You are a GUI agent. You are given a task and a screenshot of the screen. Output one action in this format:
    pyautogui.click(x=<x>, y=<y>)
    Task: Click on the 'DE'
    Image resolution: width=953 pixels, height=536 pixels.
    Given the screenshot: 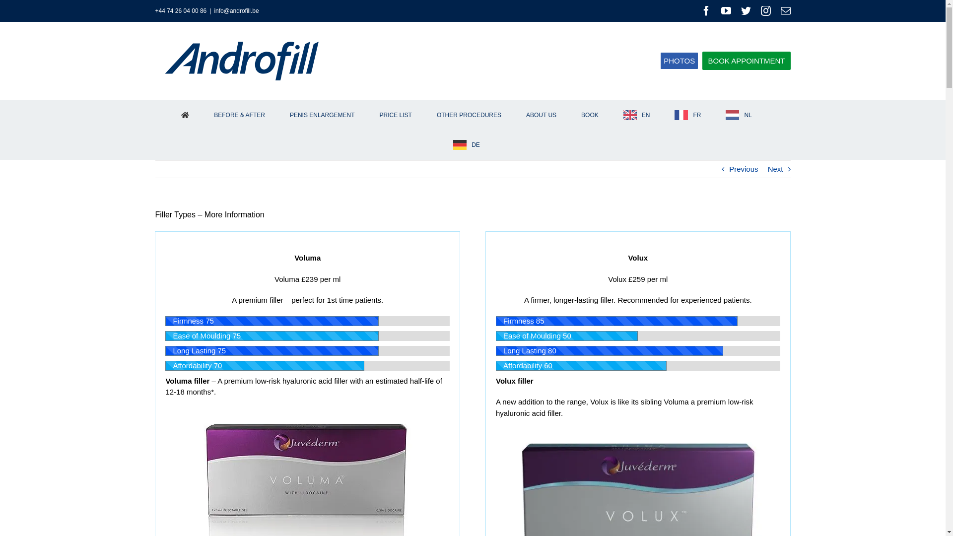 What is the action you would take?
    pyautogui.click(x=466, y=145)
    